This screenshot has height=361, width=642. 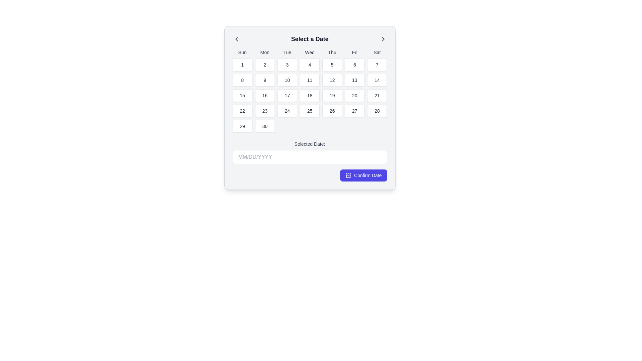 What do you see at coordinates (332, 65) in the screenshot?
I see `the rectangular button displaying the number '5' with rounded edges, located under the header 'Thu' in the second row and fifth column of the grid` at bounding box center [332, 65].